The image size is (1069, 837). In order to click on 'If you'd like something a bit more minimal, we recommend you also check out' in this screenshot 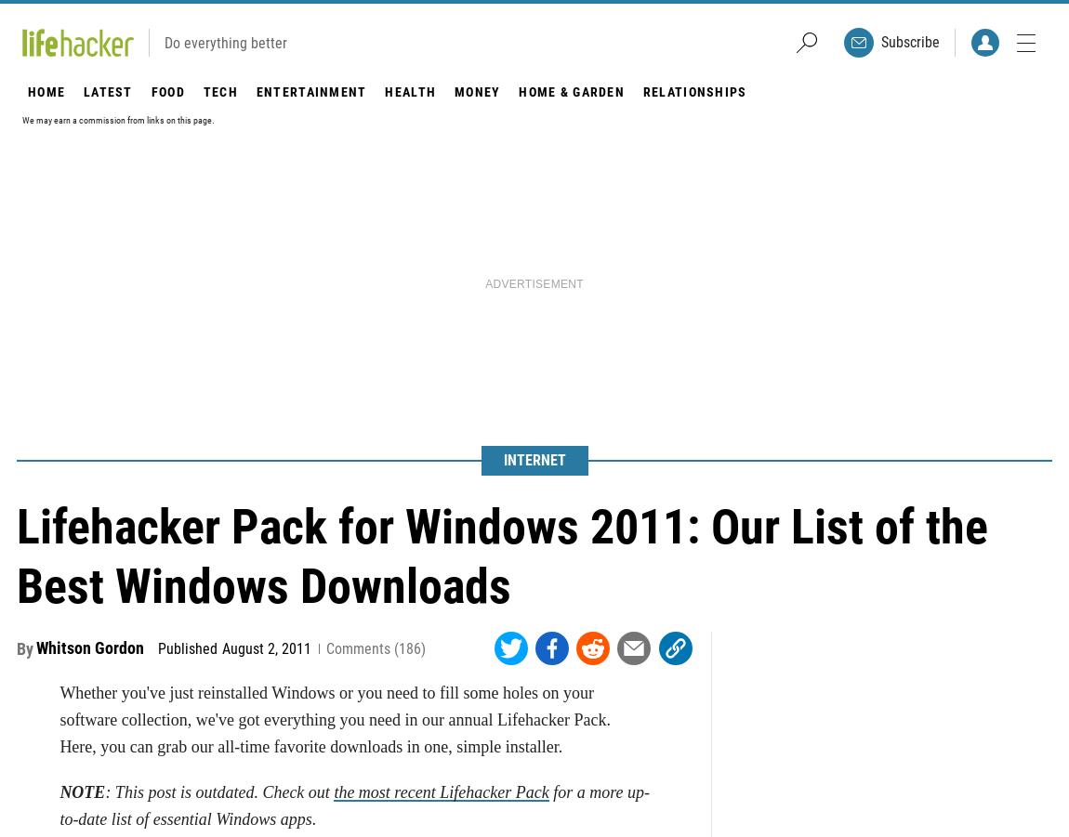, I will do `click(324, 11)`.